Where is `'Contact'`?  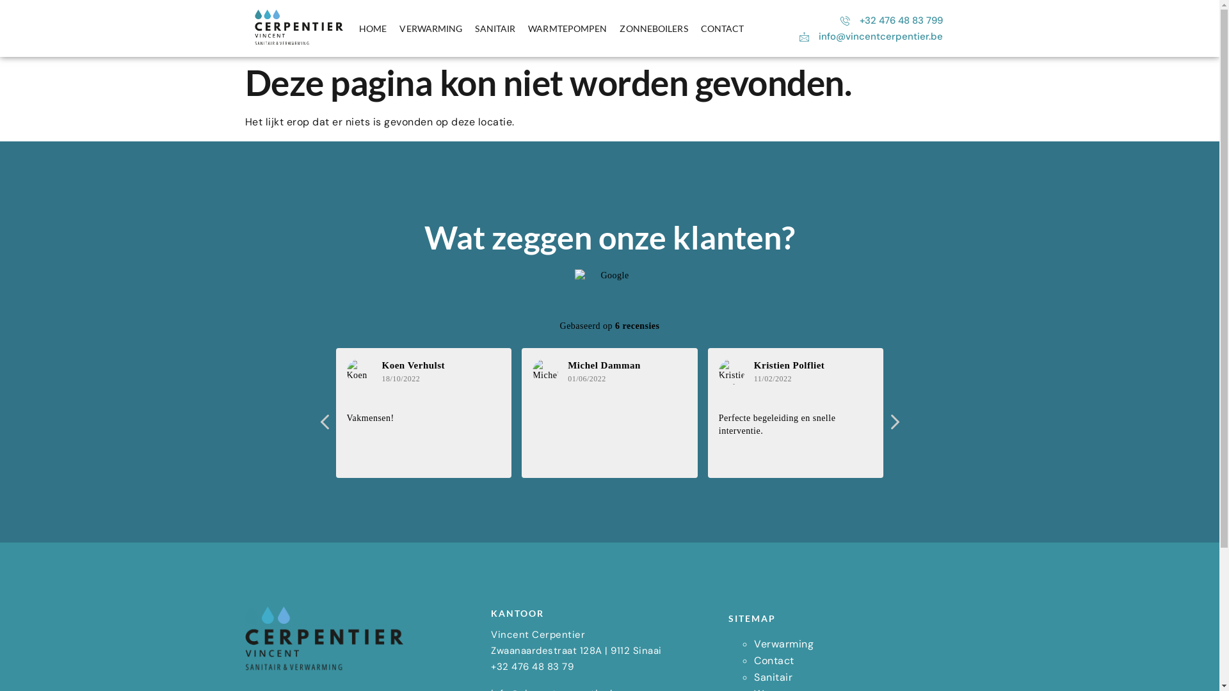
'Contact' is located at coordinates (773, 660).